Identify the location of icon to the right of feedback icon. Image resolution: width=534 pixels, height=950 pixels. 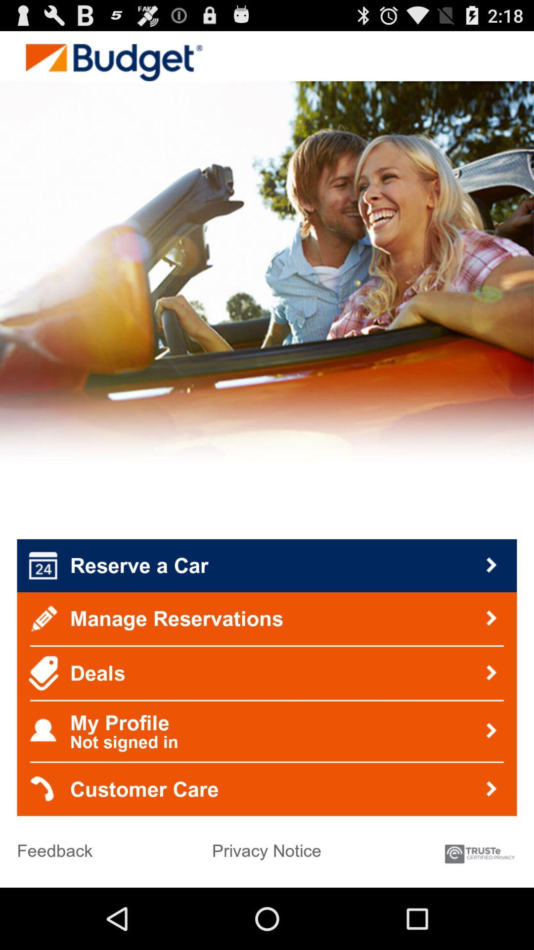
(266, 846).